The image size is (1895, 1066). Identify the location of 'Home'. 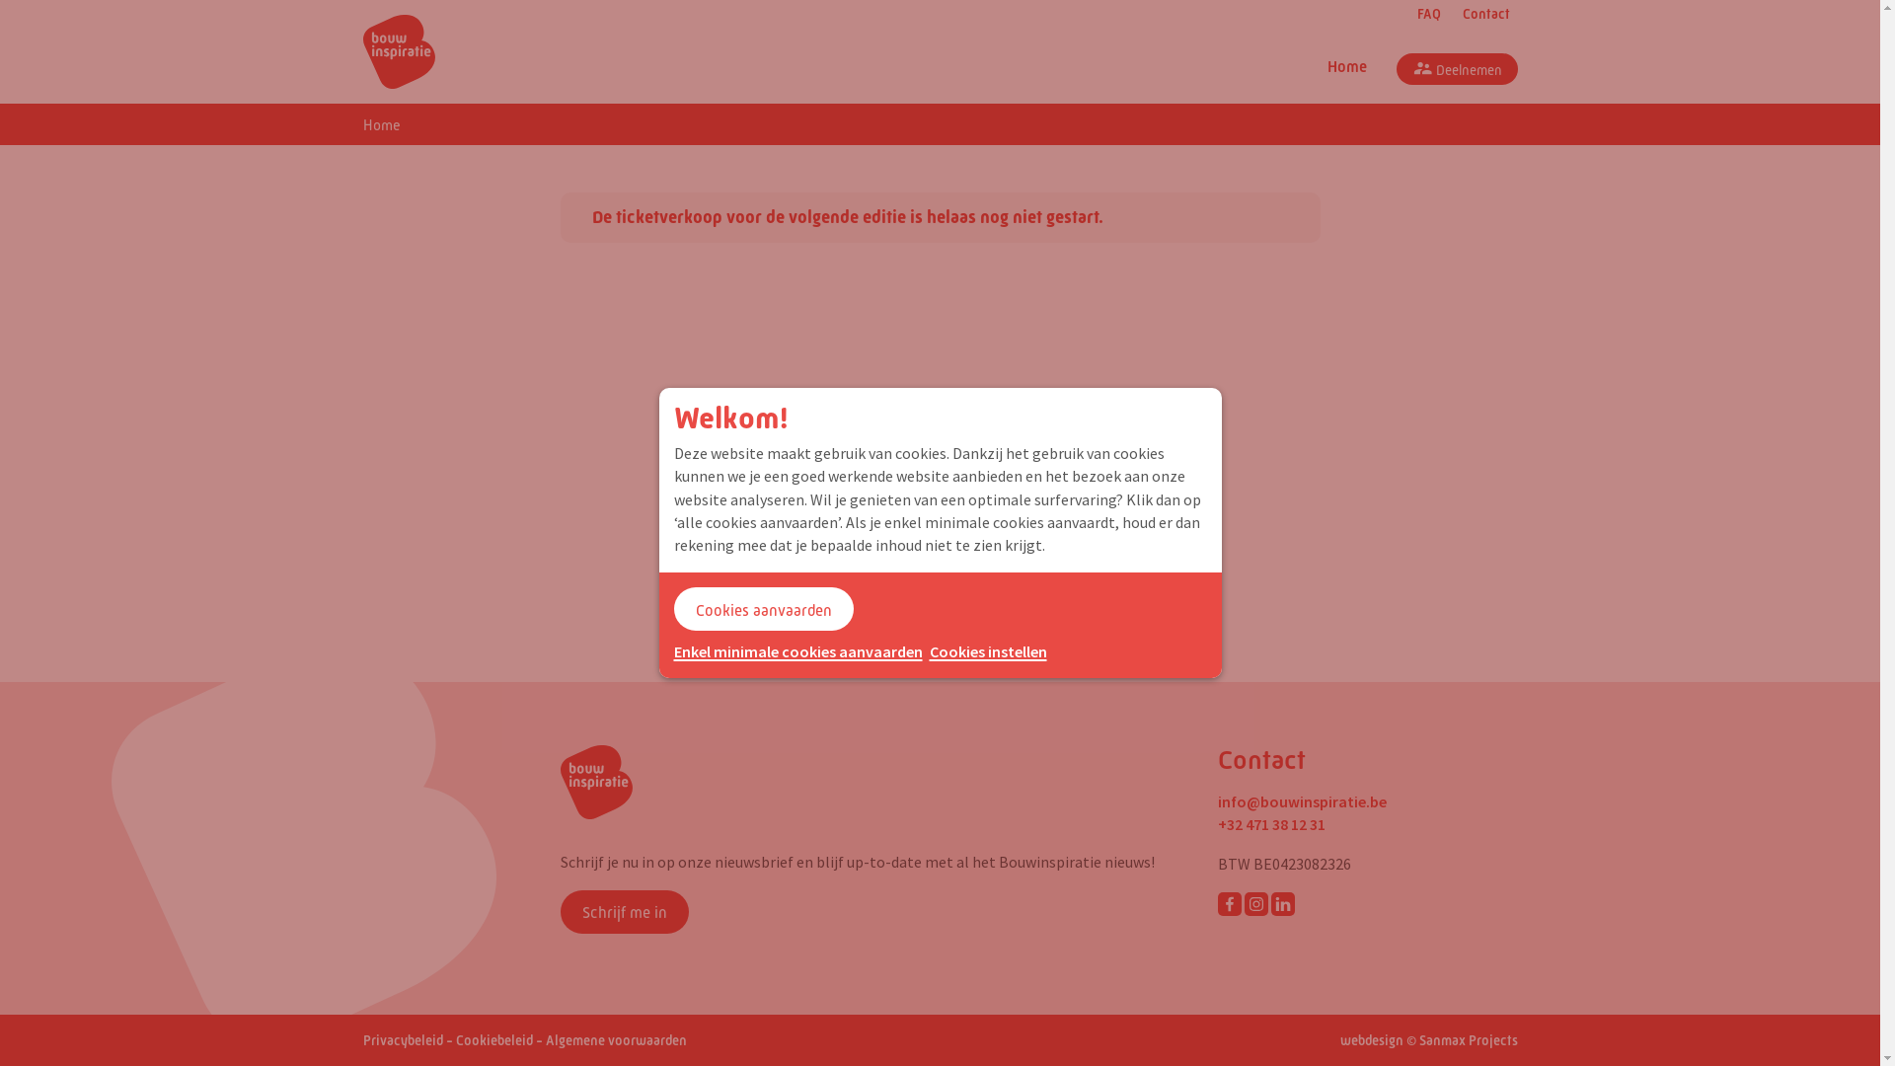
(363, 125).